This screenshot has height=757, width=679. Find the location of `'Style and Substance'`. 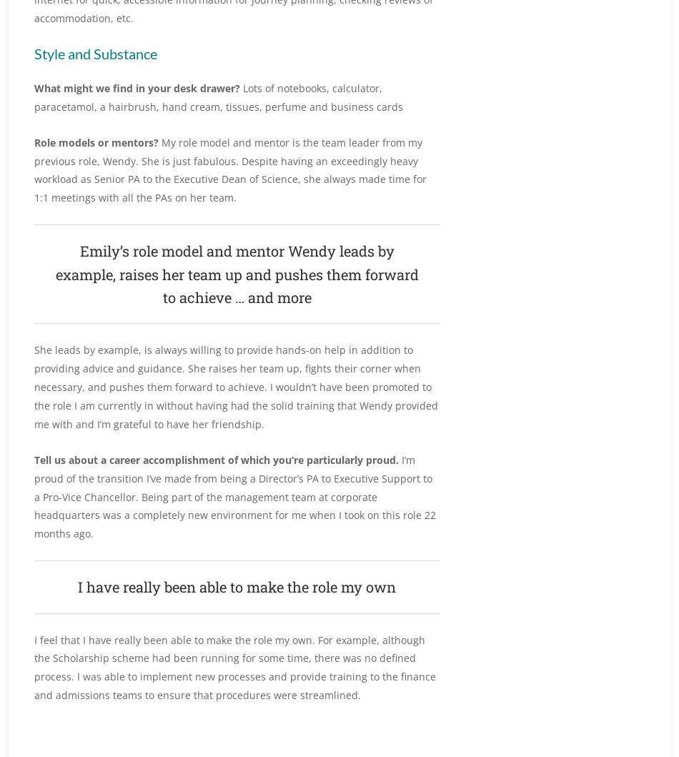

'Style and Substance' is located at coordinates (96, 53).